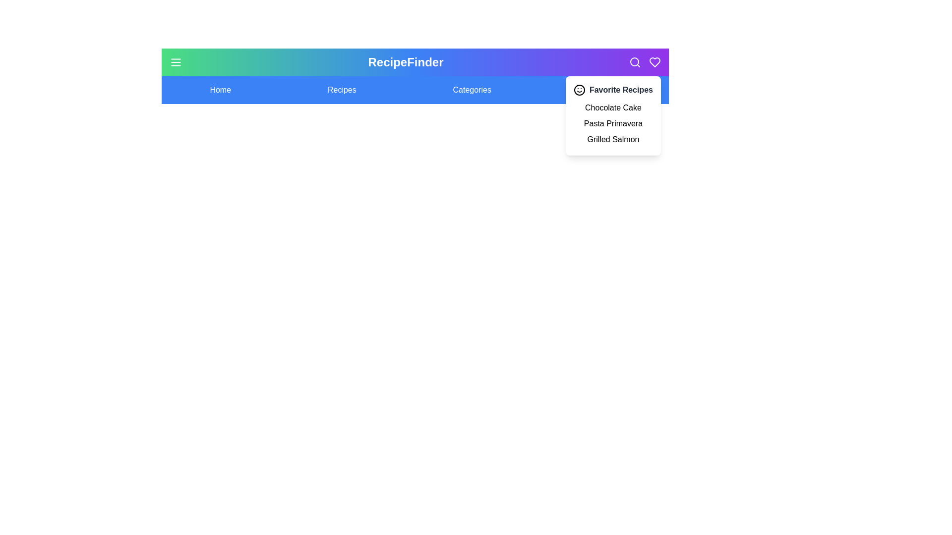 This screenshot has height=535, width=952. What do you see at coordinates (635, 62) in the screenshot?
I see `the search_icon to observe its hover effect` at bounding box center [635, 62].